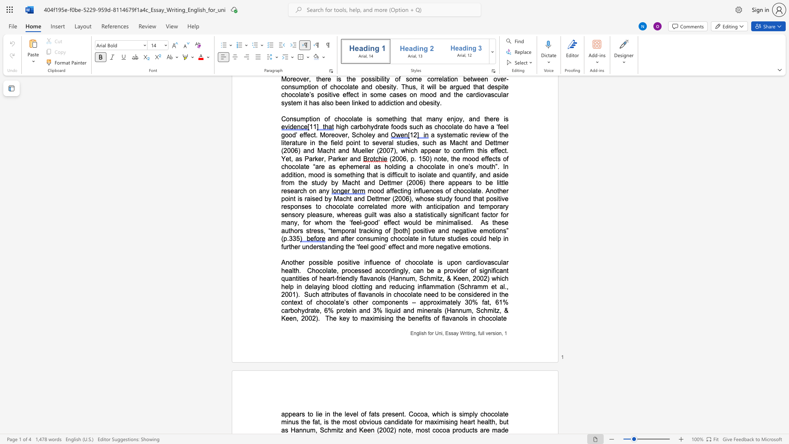 Image resolution: width=789 pixels, height=444 pixels. I want to click on the subset text "uid" within the text "Such attributes of flavanols in chocolate need to be considered in the context of chocolate’s other components – approximately 30% fat, 61% carbohydrate, 6% protein and 3% liquid and minerals (Hannum, Sch", so click(391, 310).